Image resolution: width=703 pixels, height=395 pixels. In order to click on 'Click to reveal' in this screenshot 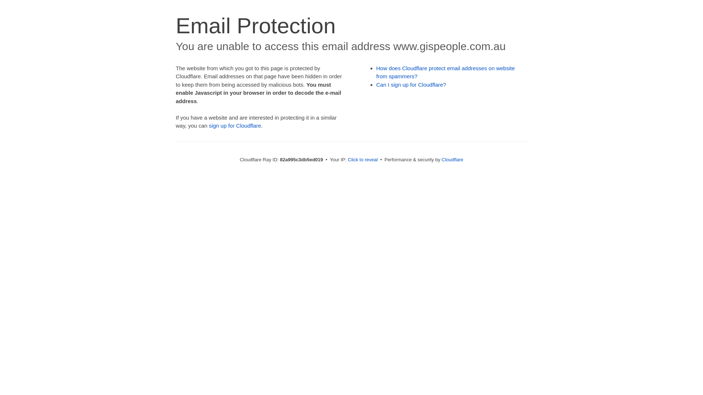, I will do `click(362, 159)`.